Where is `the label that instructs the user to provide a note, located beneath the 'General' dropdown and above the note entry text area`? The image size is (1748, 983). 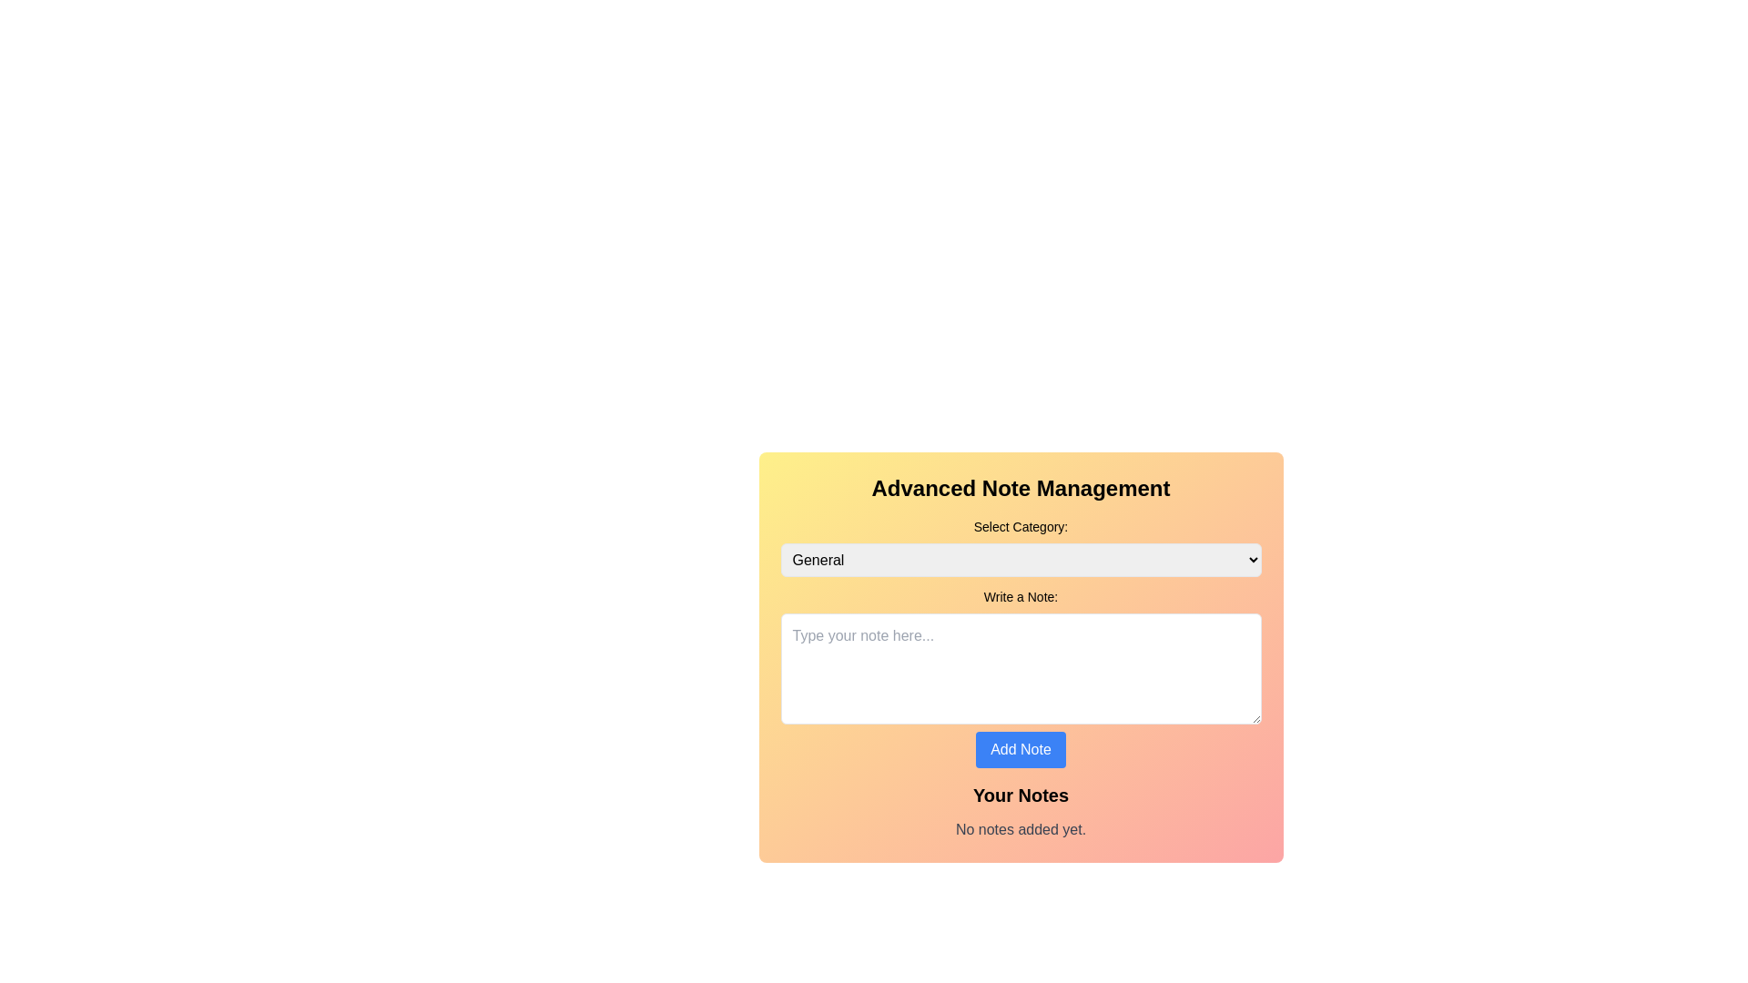 the label that instructs the user to provide a note, located beneath the 'General' dropdown and above the note entry text area is located at coordinates (1021, 596).